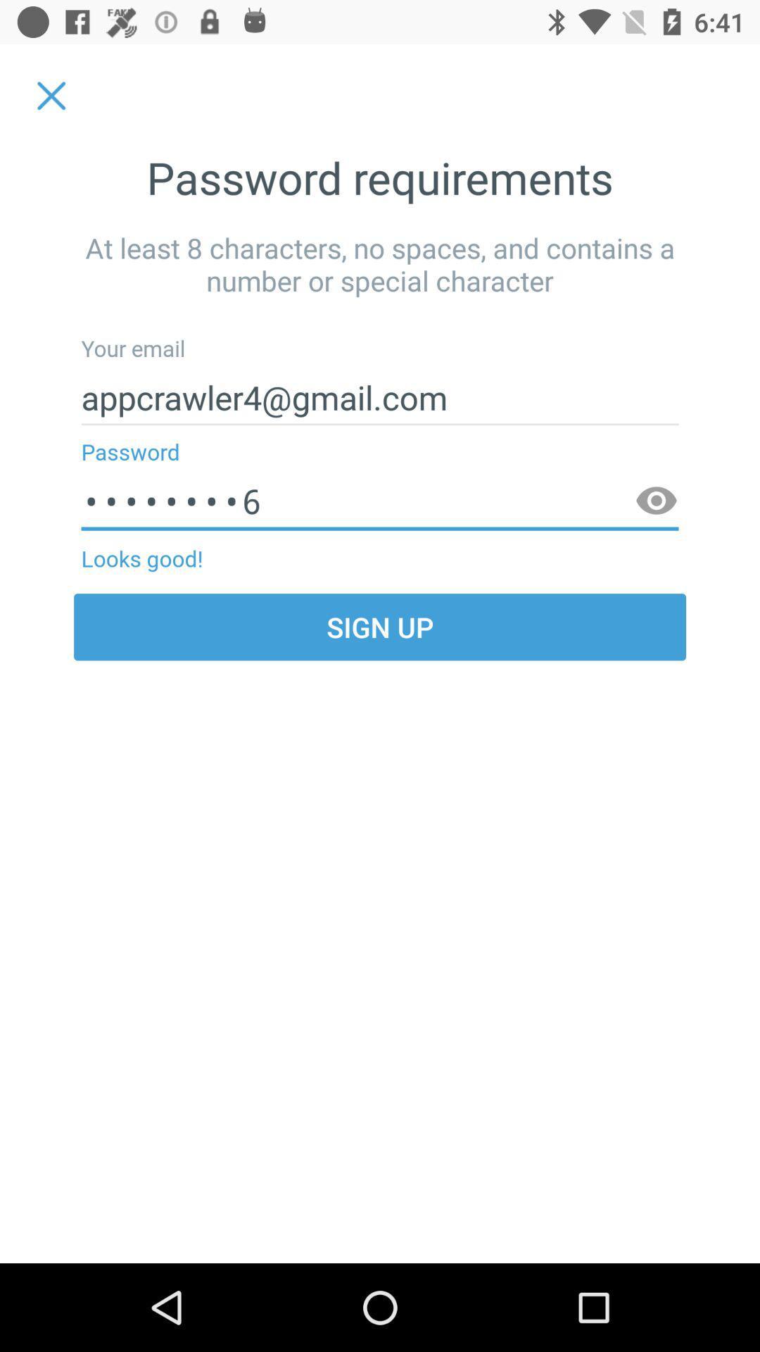 The height and width of the screenshot is (1352, 760). I want to click on app below the looks good! app, so click(380, 626).